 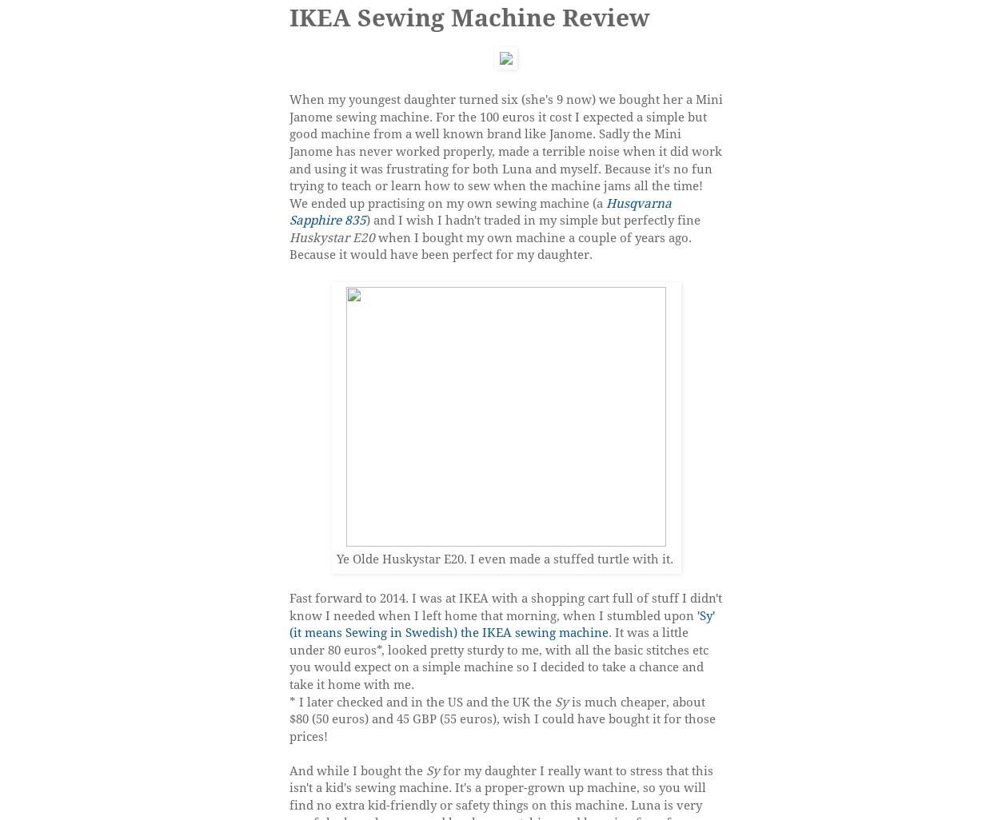 What do you see at coordinates (505, 607) in the screenshot?
I see `'Fast forward to 2014. I was at IKEA with a shopping cart full of stuff I didn't know I needed when I left home that morning, when I stumbled upon'` at bounding box center [505, 607].